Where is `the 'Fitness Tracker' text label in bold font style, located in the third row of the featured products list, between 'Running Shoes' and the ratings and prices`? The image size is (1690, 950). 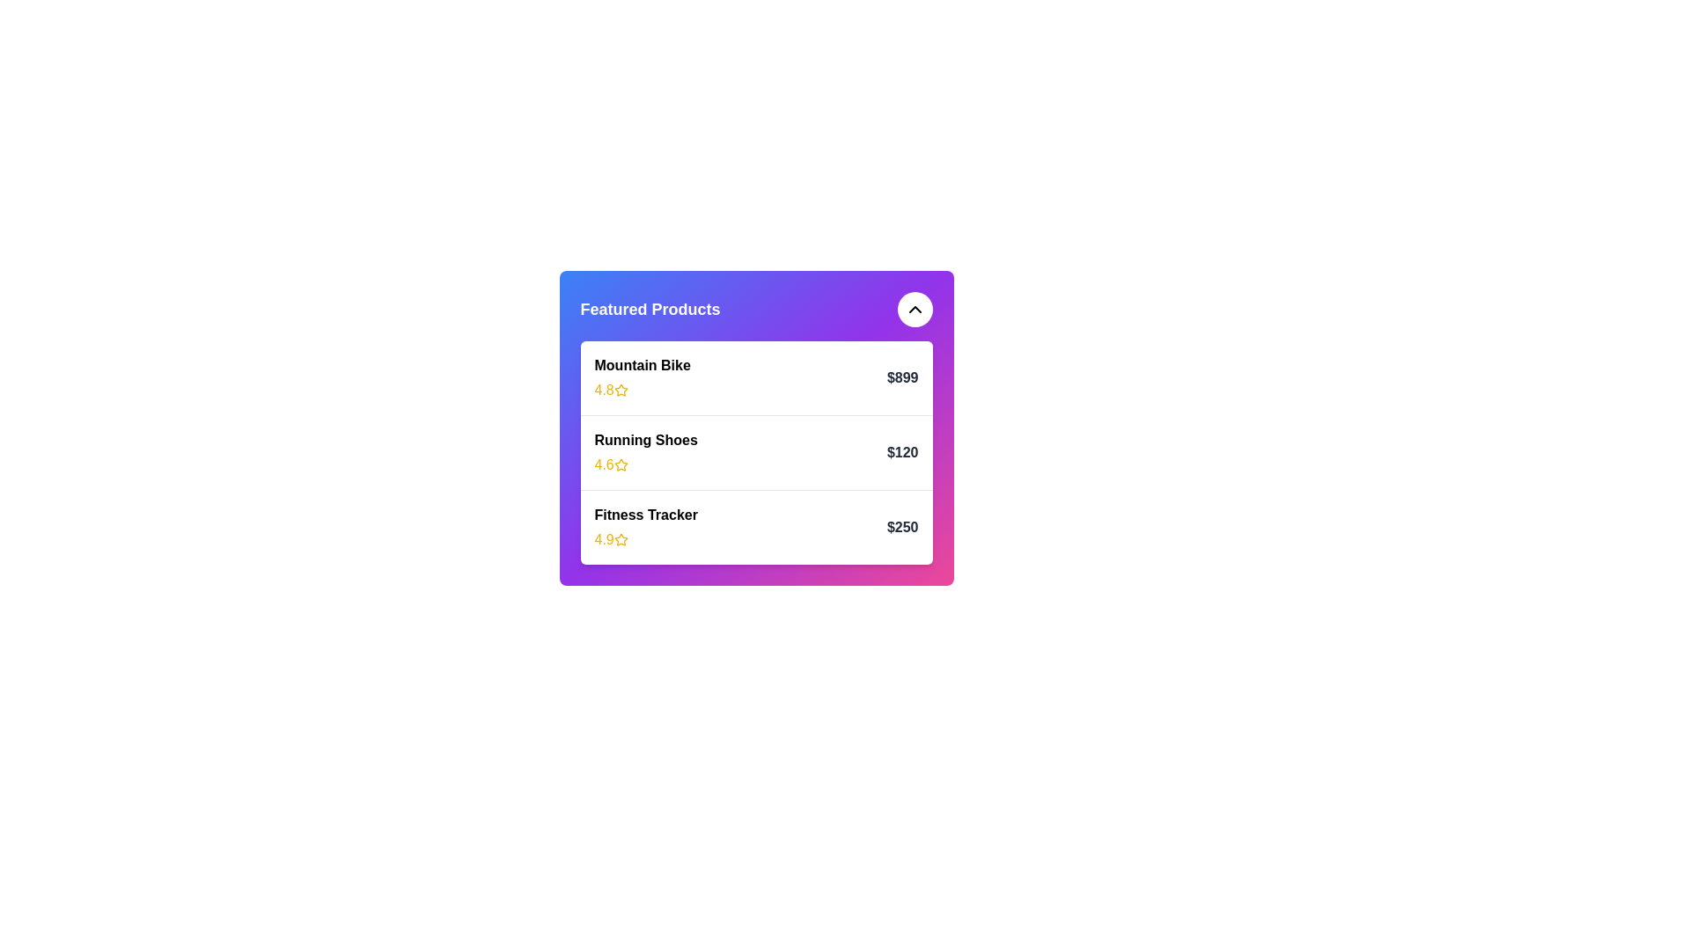 the 'Fitness Tracker' text label in bold font style, located in the third row of the featured products list, between 'Running Shoes' and the ratings and prices is located at coordinates (645, 515).